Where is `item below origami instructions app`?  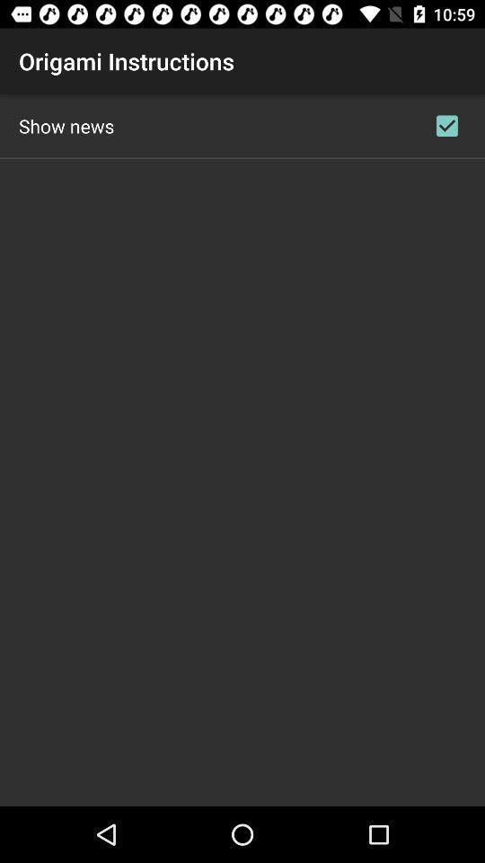
item below origami instructions app is located at coordinates (66, 125).